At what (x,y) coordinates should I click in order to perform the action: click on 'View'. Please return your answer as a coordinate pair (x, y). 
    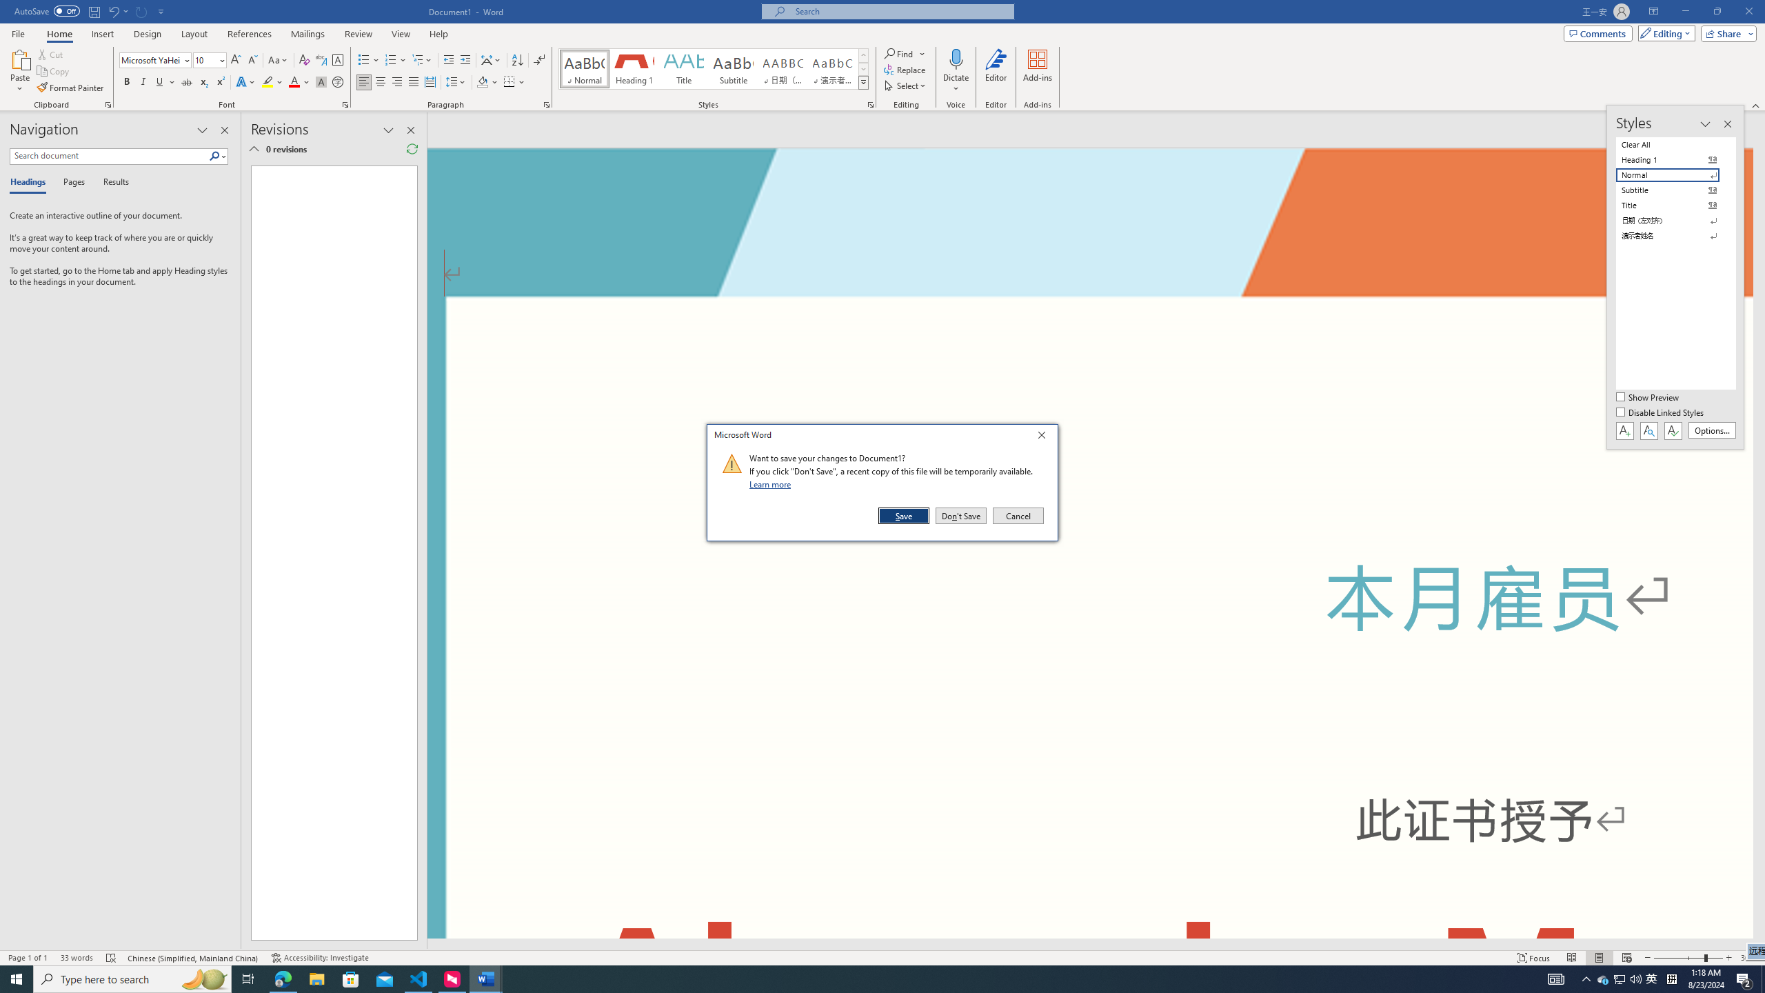
    Looking at the image, I should click on (401, 34).